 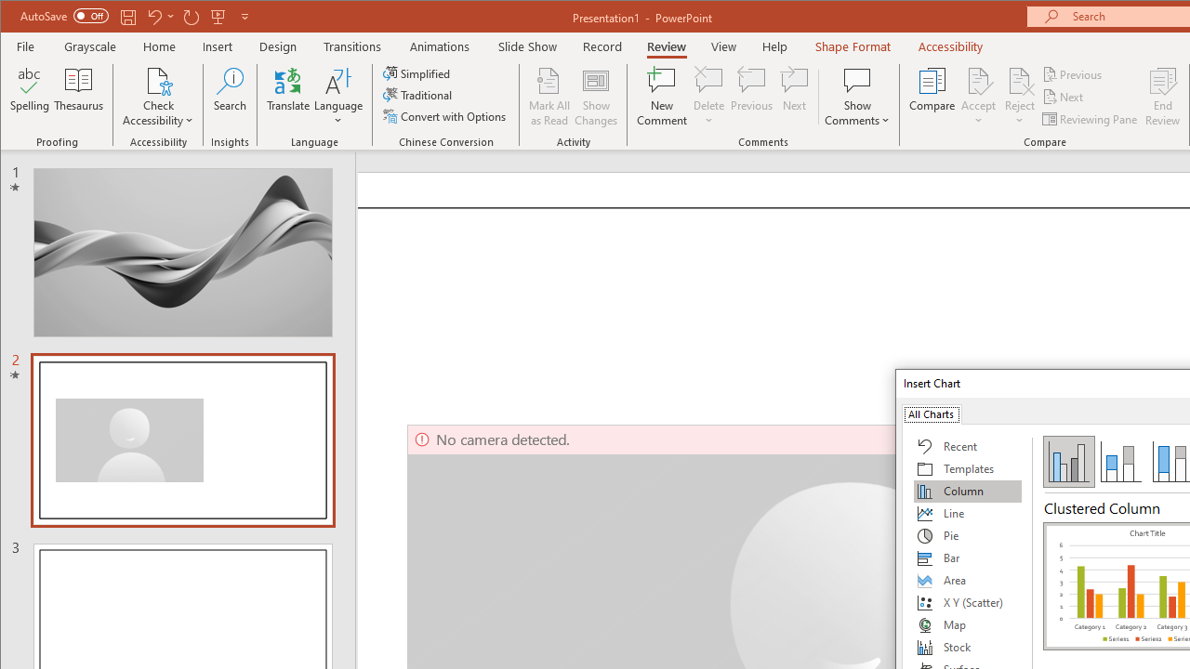 What do you see at coordinates (338, 97) in the screenshot?
I see `'Language'` at bounding box center [338, 97].